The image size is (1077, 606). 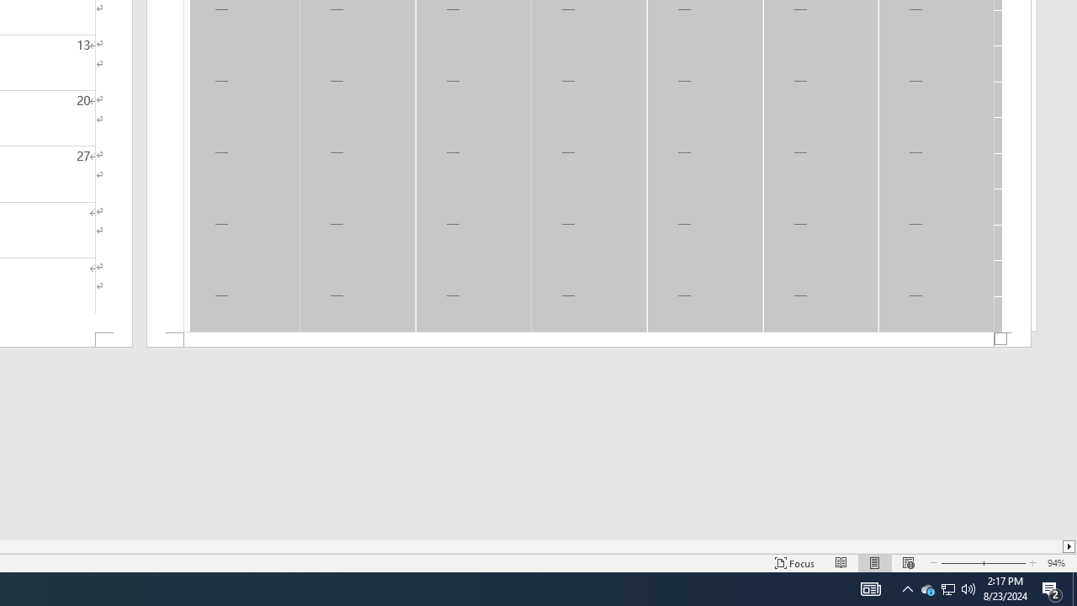 I want to click on 'Footer -Section 1-', so click(x=589, y=340).